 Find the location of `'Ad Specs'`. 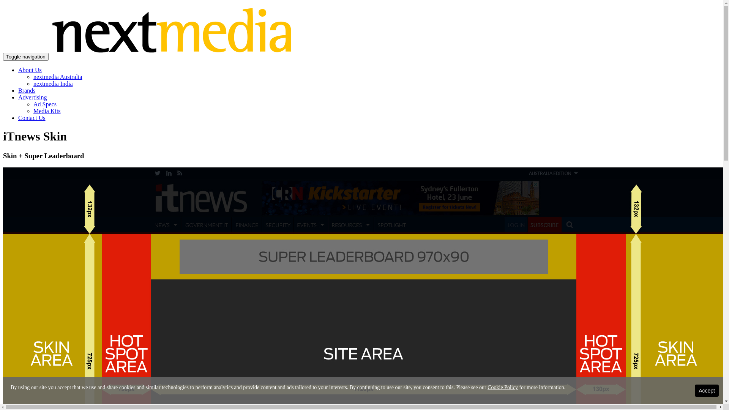

'Ad Specs' is located at coordinates (44, 104).